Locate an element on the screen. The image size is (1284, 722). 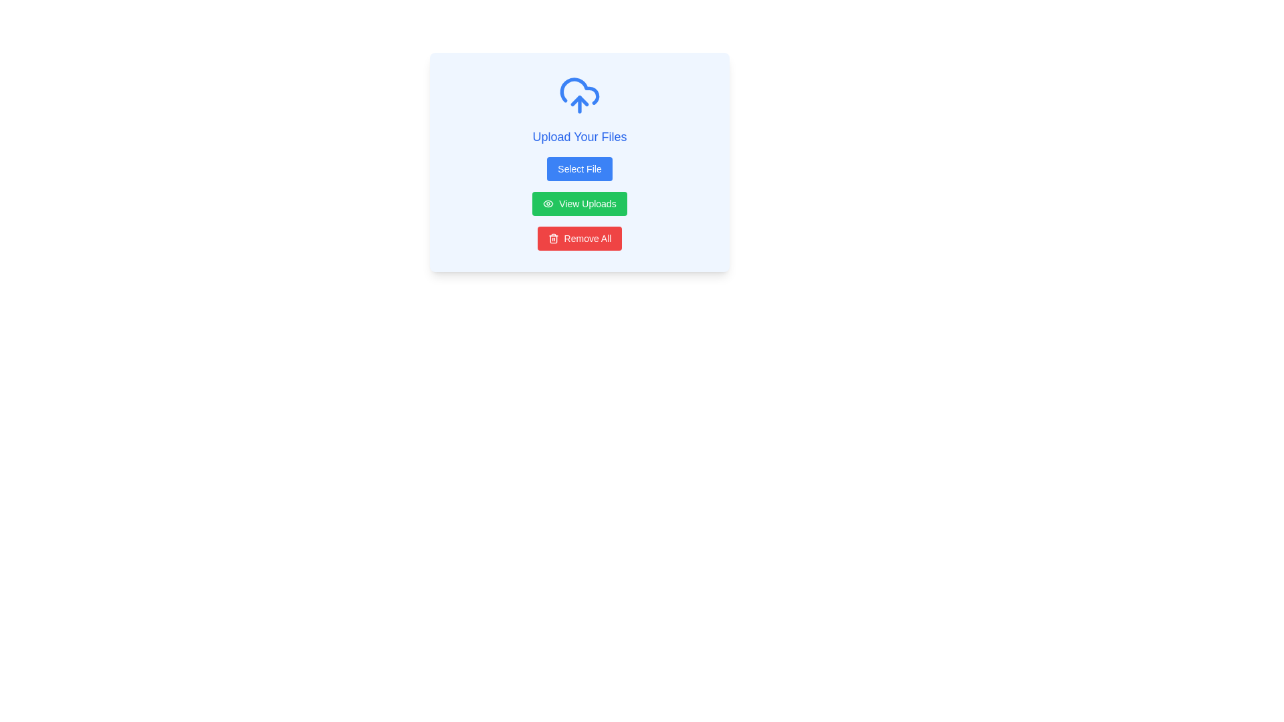
the blue button labeled 'Select File' is located at coordinates (580, 162).